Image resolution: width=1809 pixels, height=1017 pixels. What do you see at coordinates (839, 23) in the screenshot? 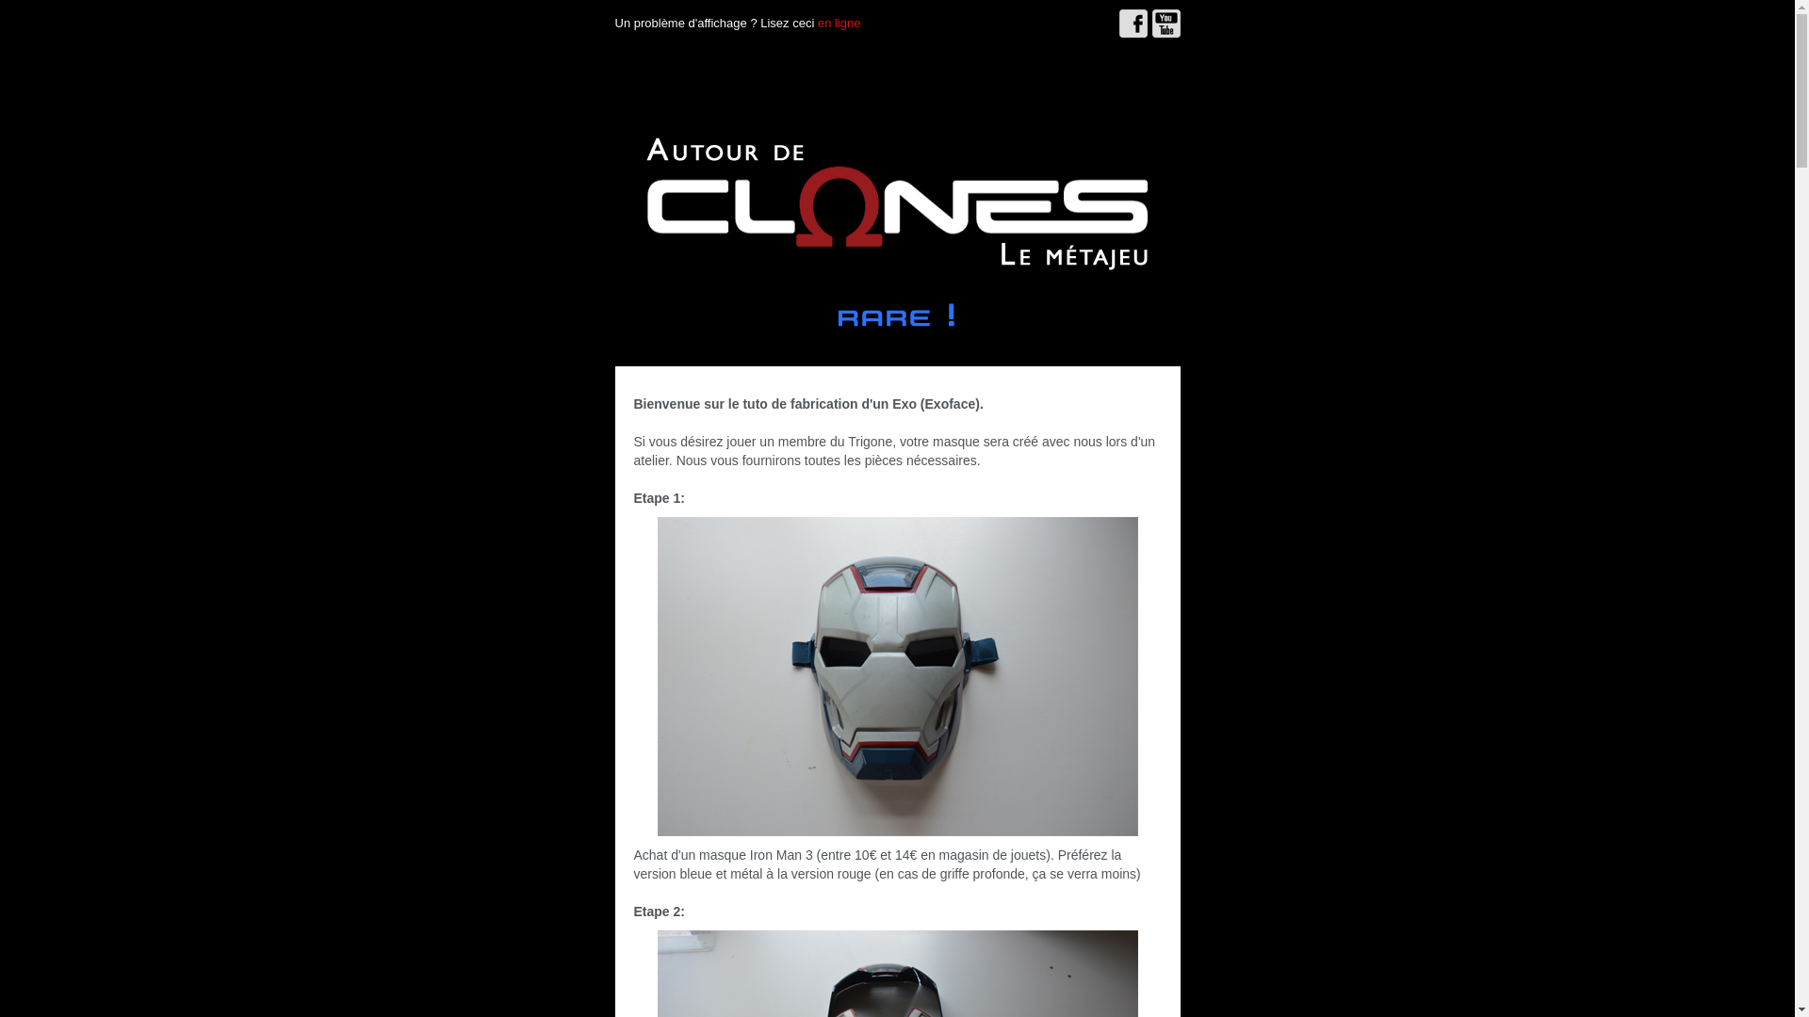
I see `'en ligne'` at bounding box center [839, 23].